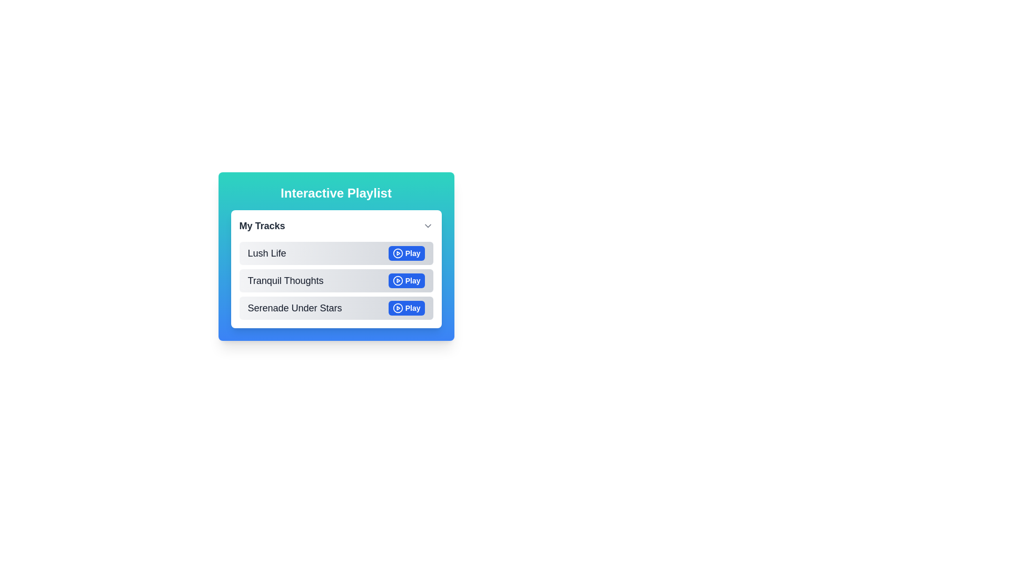 This screenshot has width=1011, height=569. Describe the element at coordinates (397, 253) in the screenshot. I see `the circular outline graphic within the blue play button labeled 'Play', which is located next to 'Lush Life' in the 'My Tracks' section` at that location.